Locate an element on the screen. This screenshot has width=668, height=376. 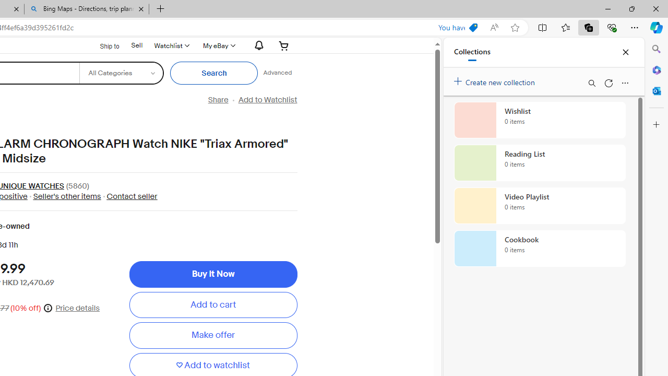
'Seller' is located at coordinates (66, 196).